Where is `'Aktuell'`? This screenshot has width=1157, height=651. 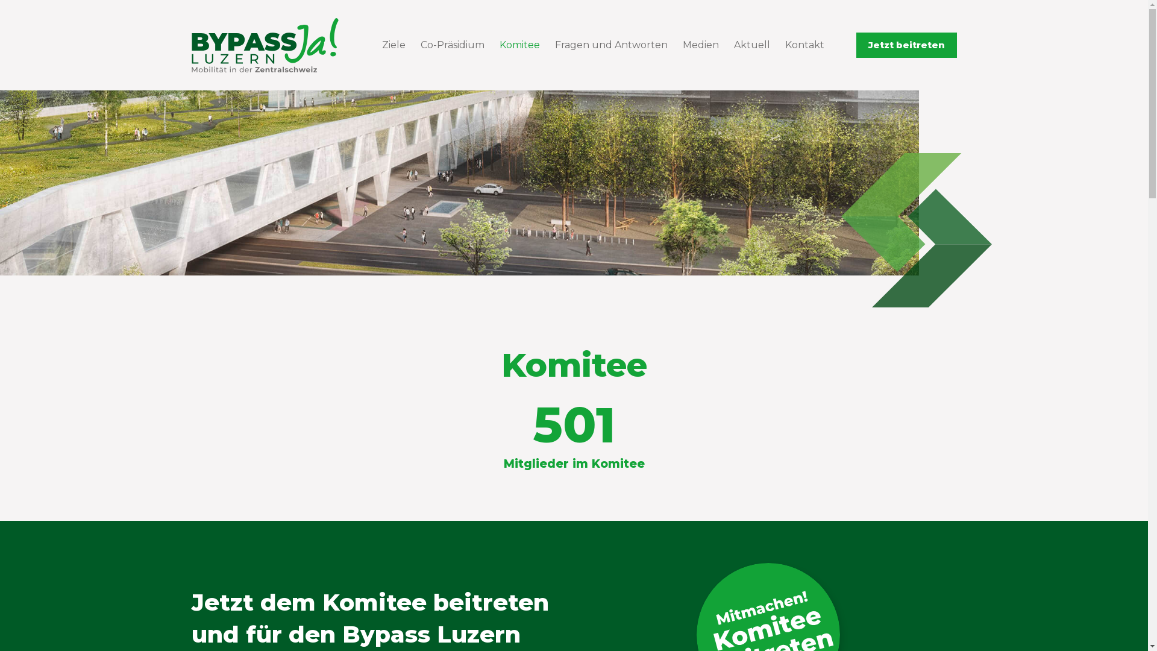
'Aktuell' is located at coordinates (726, 44).